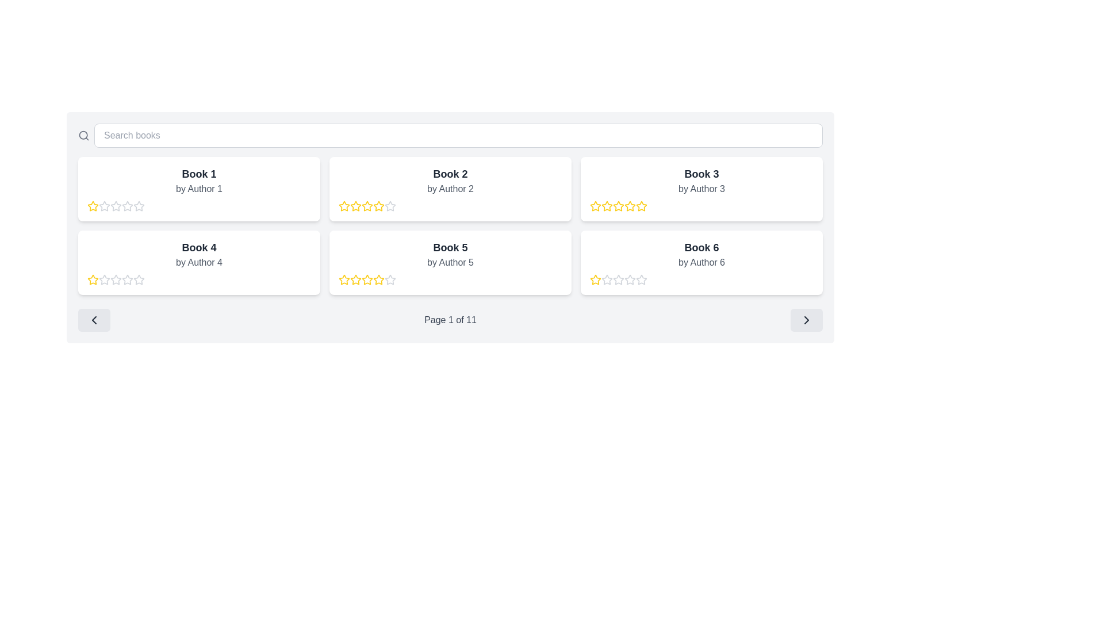 This screenshot has width=1104, height=621. I want to click on the third yellow star icon in the five-star rating system for 'Book 5' by 'Author 5', so click(378, 279).